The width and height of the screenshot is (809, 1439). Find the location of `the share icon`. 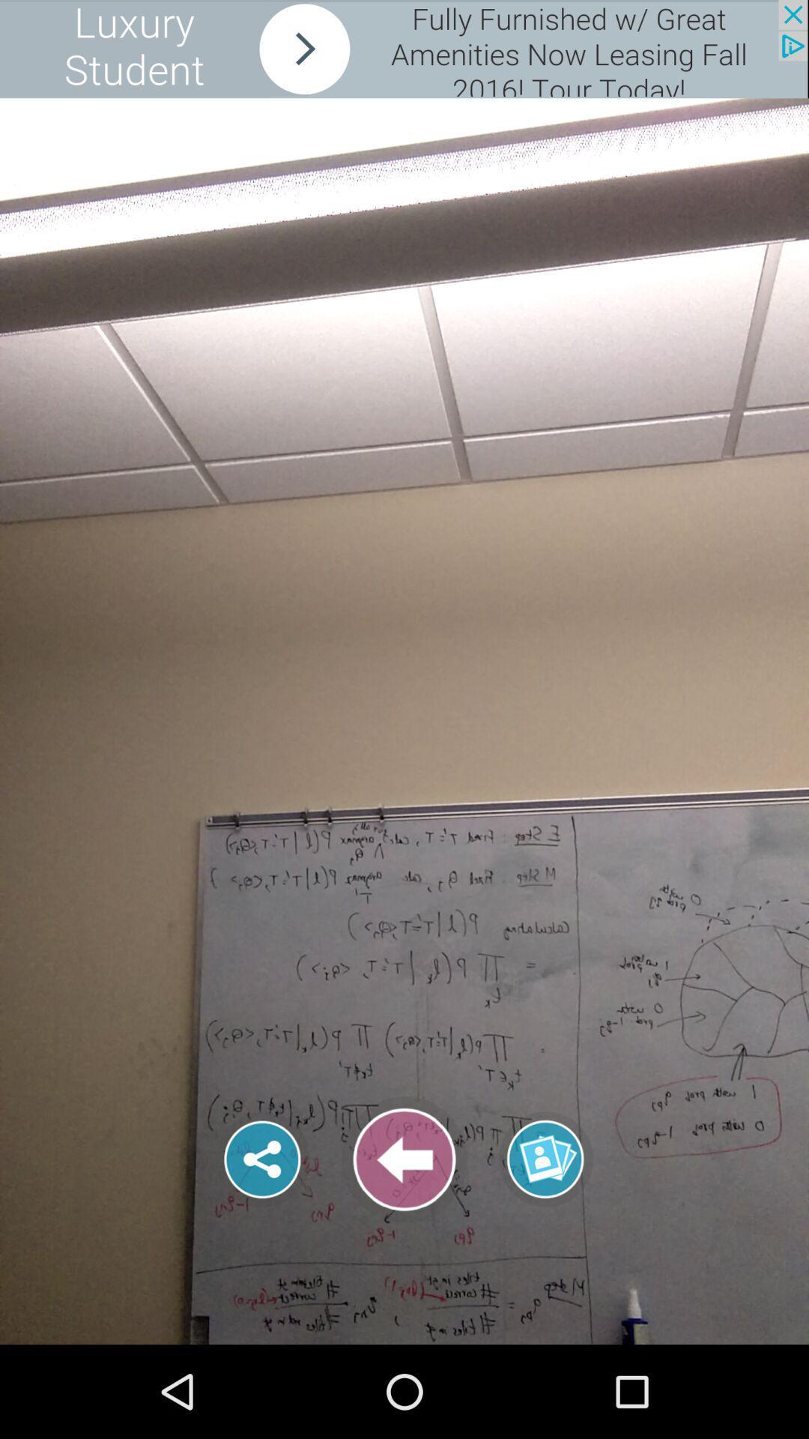

the share icon is located at coordinates (262, 1159).